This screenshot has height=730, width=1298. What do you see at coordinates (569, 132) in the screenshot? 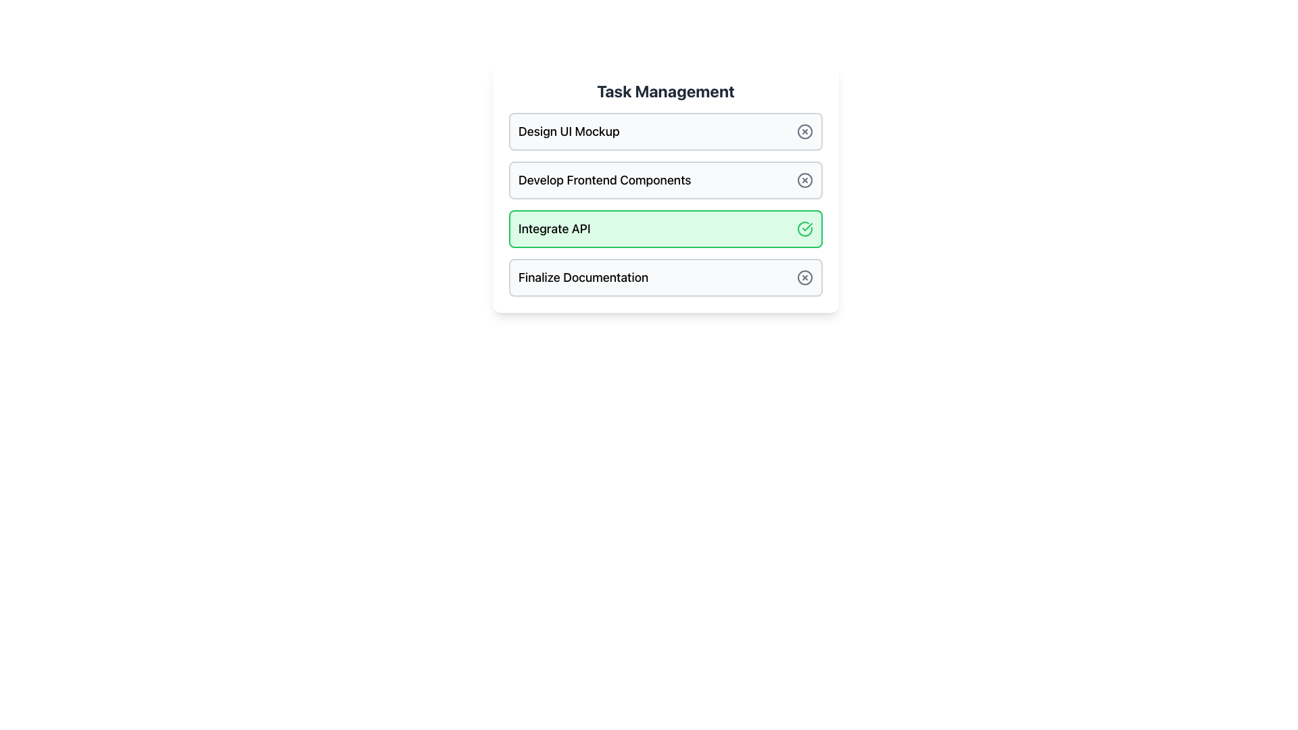
I see `the text label that identifies the task name 'Design UI Mockup' located in the first task row of the task management interface` at bounding box center [569, 132].